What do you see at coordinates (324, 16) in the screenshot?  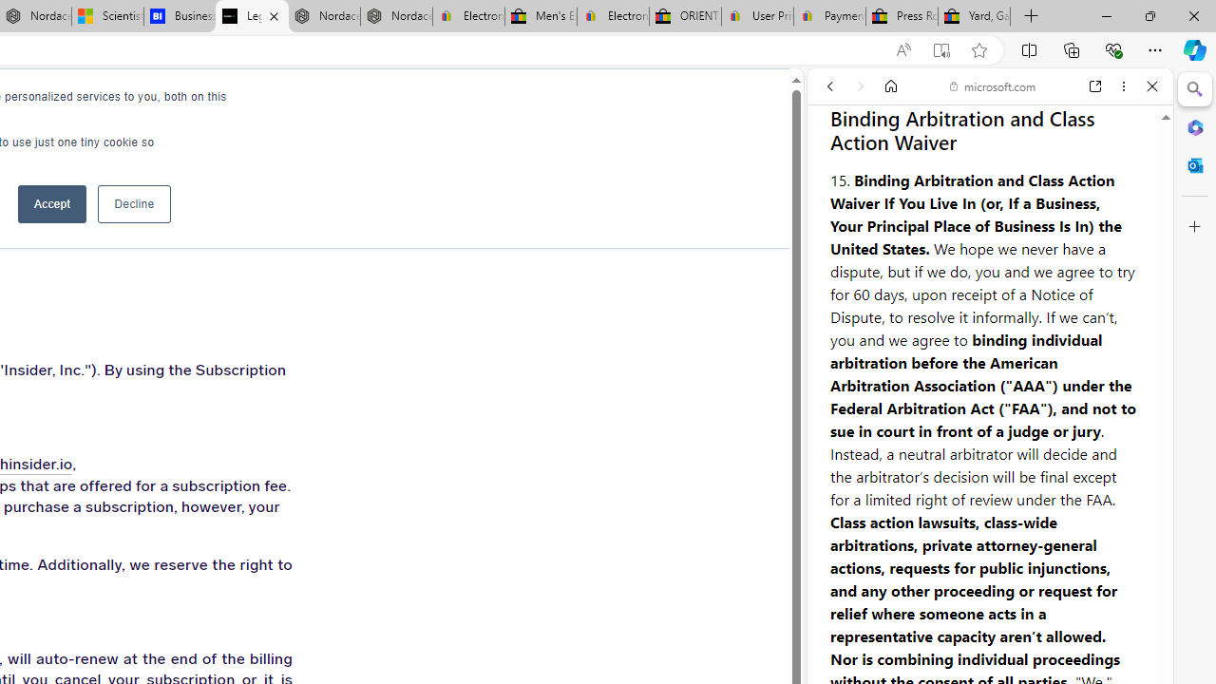 I see `'Nordace - Summer Adventures 2024'` at bounding box center [324, 16].